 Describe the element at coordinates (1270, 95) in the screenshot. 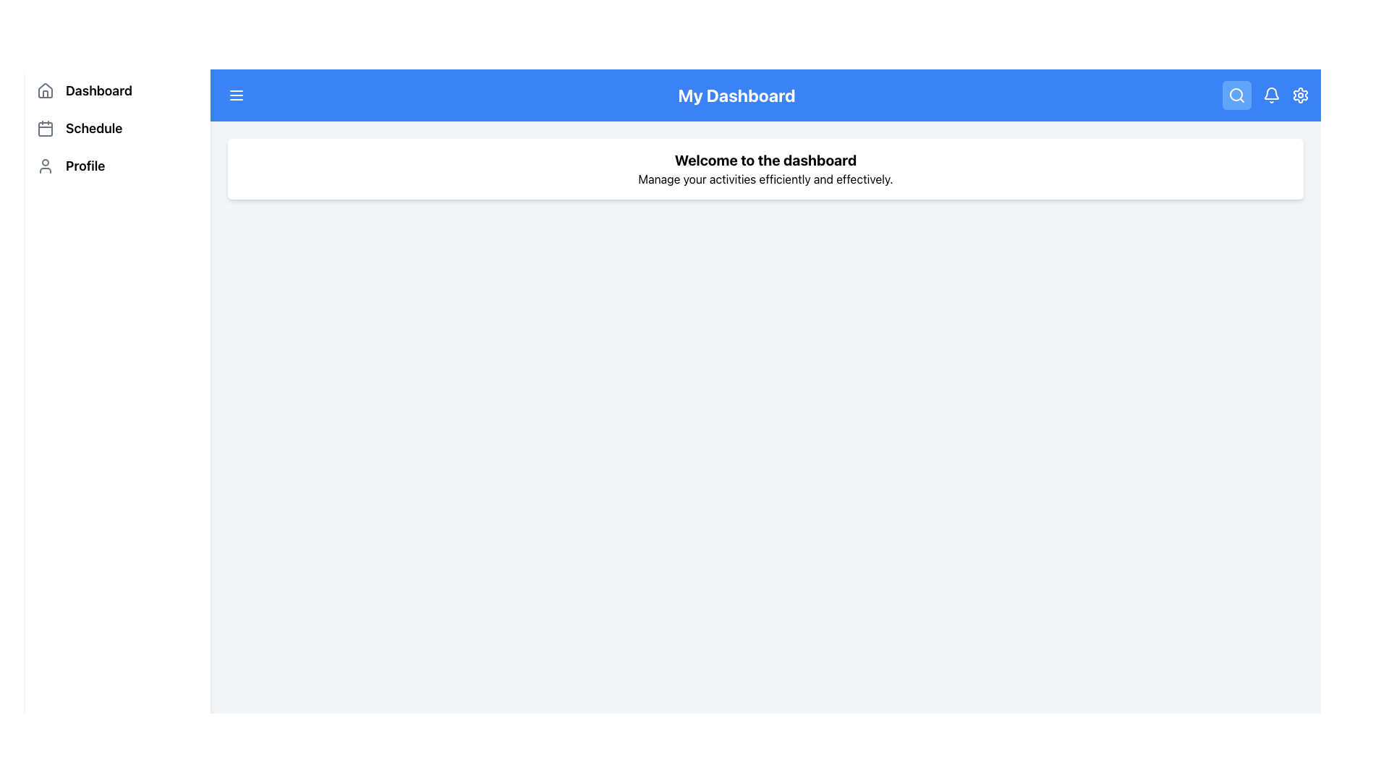

I see `the notification icon located on the top-right portion of the main app bar` at that location.